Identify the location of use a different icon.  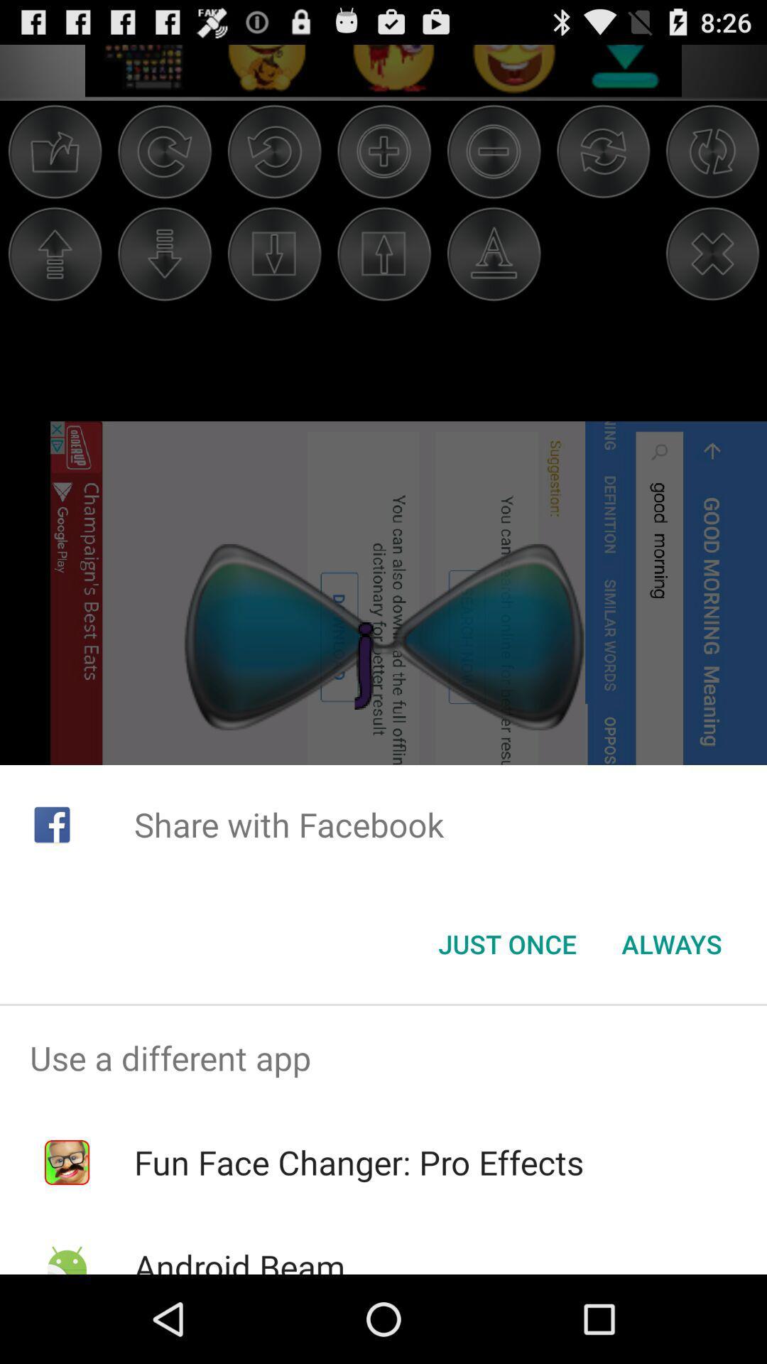
(383, 1058).